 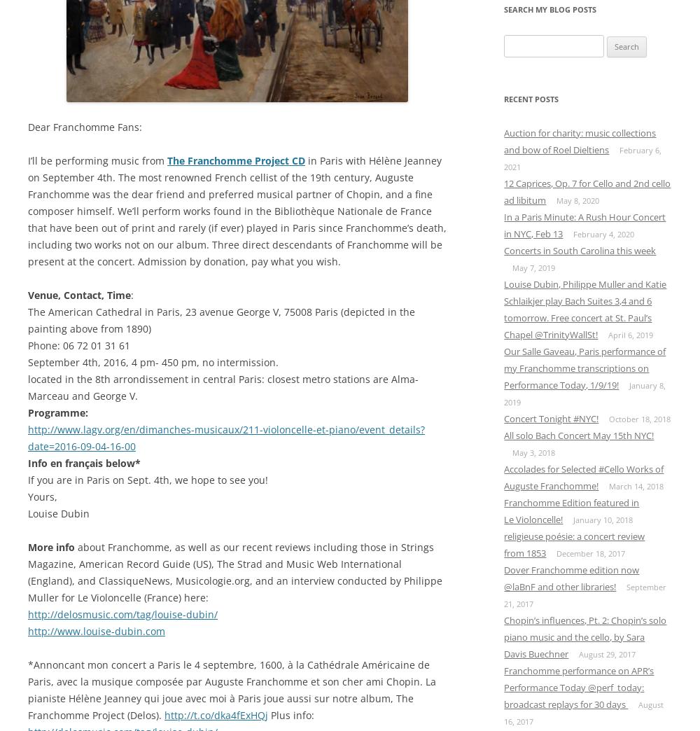 What do you see at coordinates (78, 344) in the screenshot?
I see `'Phone: 06 72 01 31 61'` at bounding box center [78, 344].